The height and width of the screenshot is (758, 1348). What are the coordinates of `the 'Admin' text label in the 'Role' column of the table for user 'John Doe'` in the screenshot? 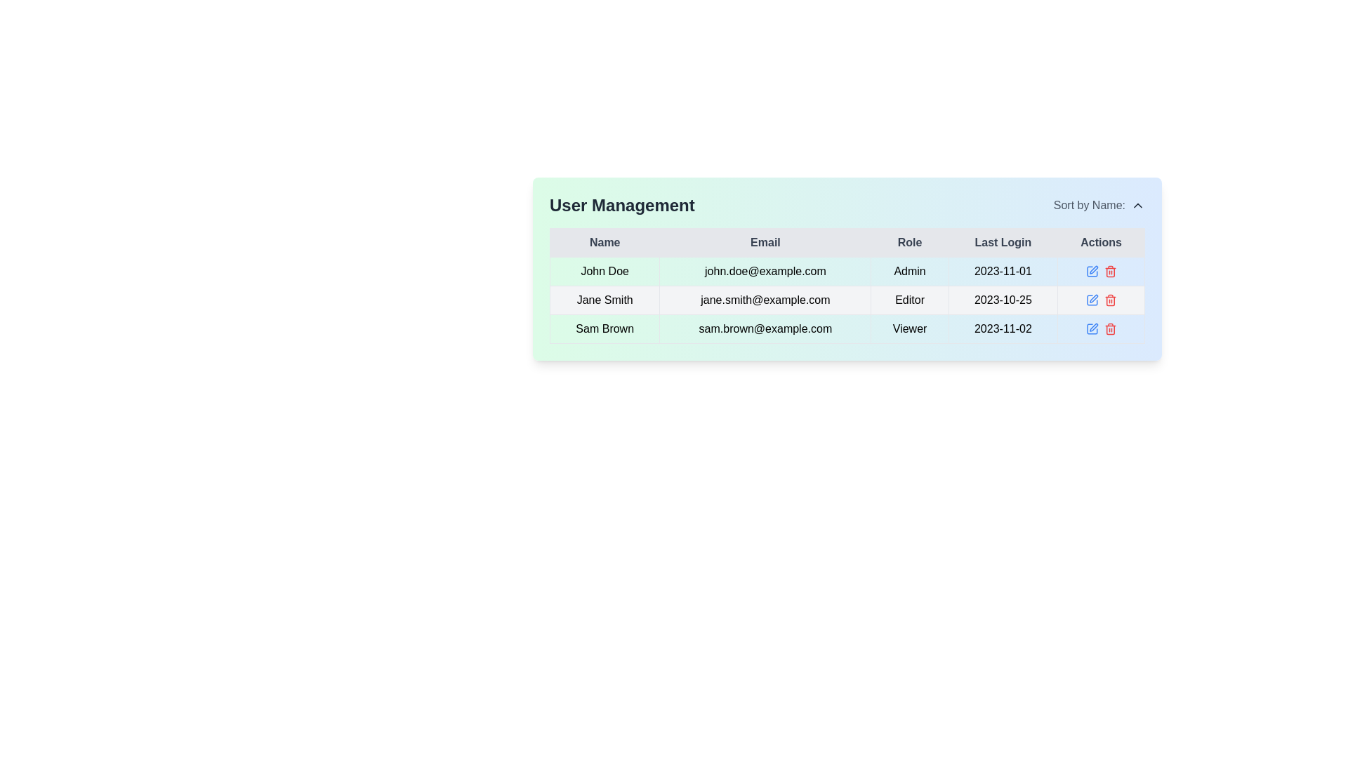 It's located at (910, 271).